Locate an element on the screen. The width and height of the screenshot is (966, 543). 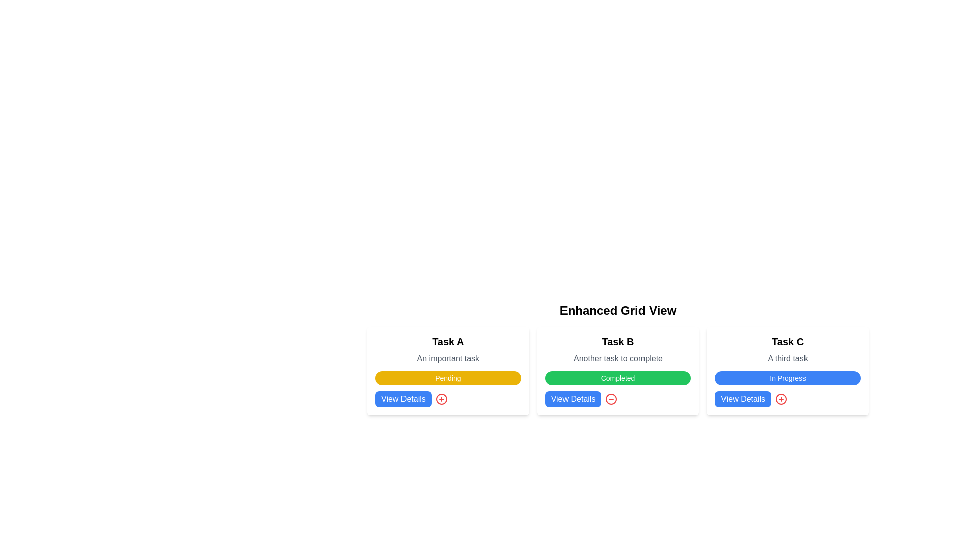
the interactive button located to the right of the 'View Details' button in the bottom-right corner of the 'Task C' card is located at coordinates (781, 399).